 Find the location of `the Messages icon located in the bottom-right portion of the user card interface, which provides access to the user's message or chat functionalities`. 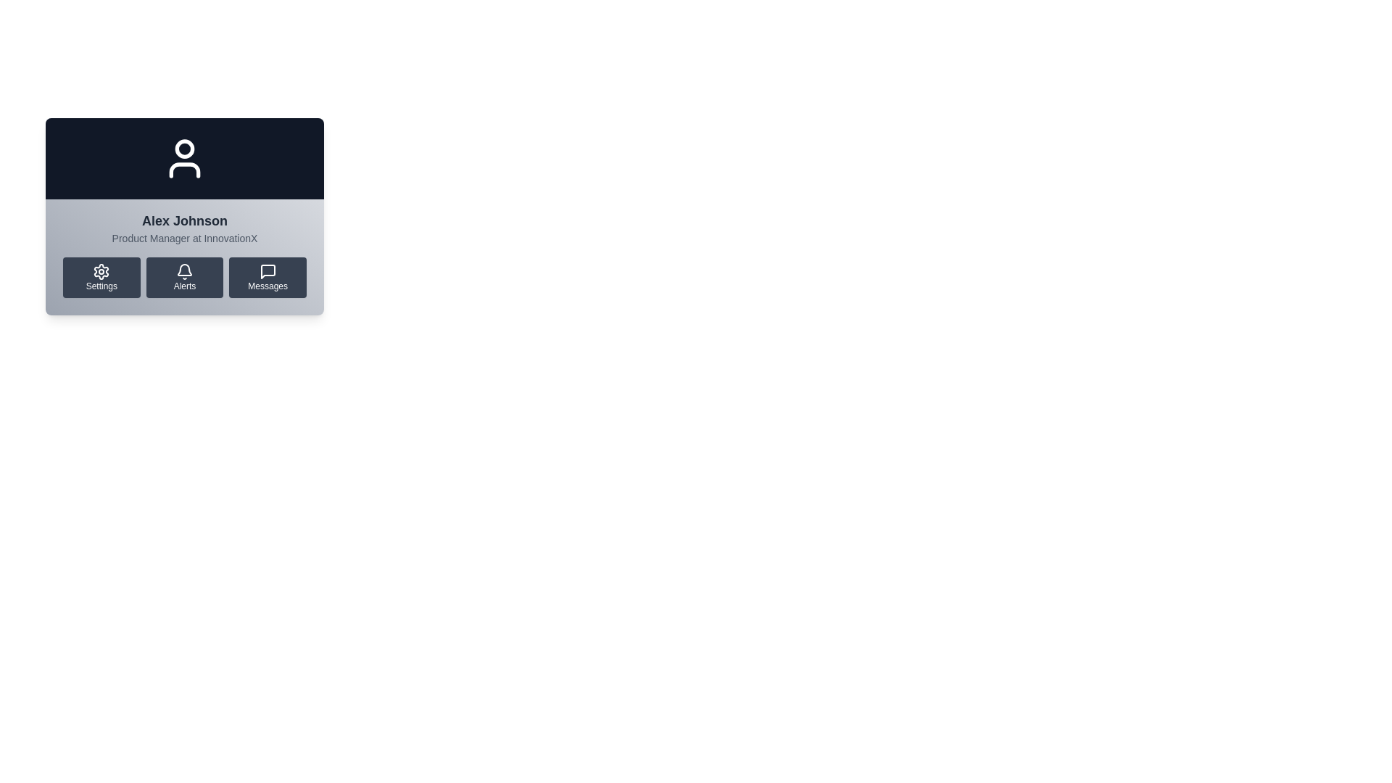

the Messages icon located in the bottom-right portion of the user card interface, which provides access to the user's message or chat functionalities is located at coordinates (268, 271).